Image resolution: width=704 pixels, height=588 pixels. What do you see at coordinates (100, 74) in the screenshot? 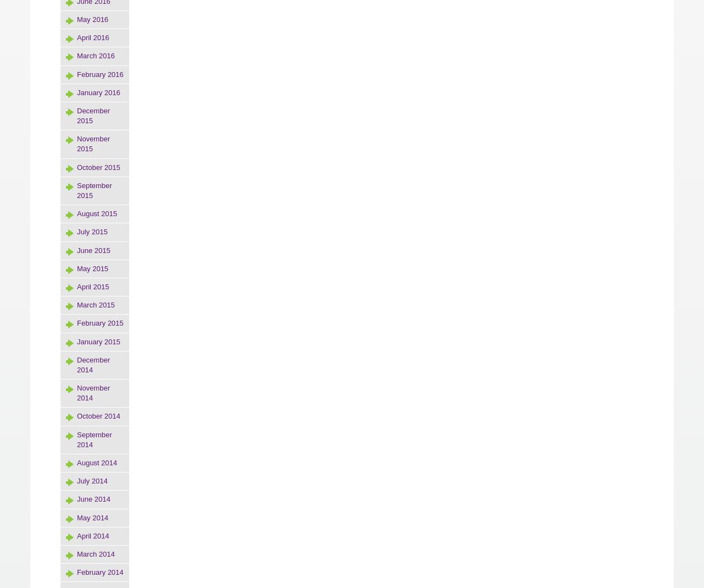
I see `'February 2016'` at bounding box center [100, 74].